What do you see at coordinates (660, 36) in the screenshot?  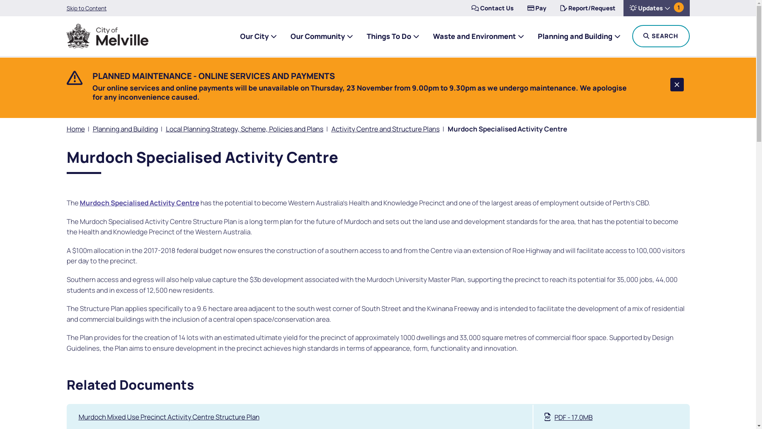 I see `'SEARCH'` at bounding box center [660, 36].